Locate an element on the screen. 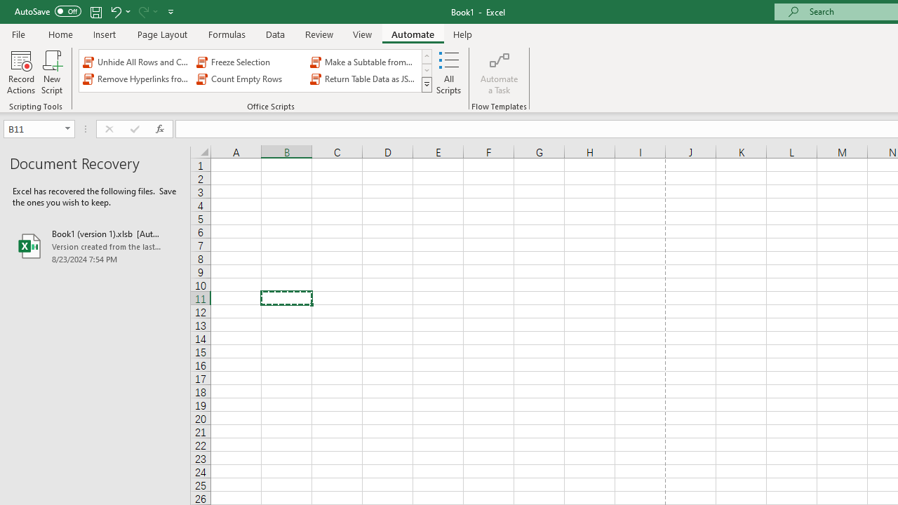 This screenshot has width=898, height=505. 'New Script' is located at coordinates (51, 72).